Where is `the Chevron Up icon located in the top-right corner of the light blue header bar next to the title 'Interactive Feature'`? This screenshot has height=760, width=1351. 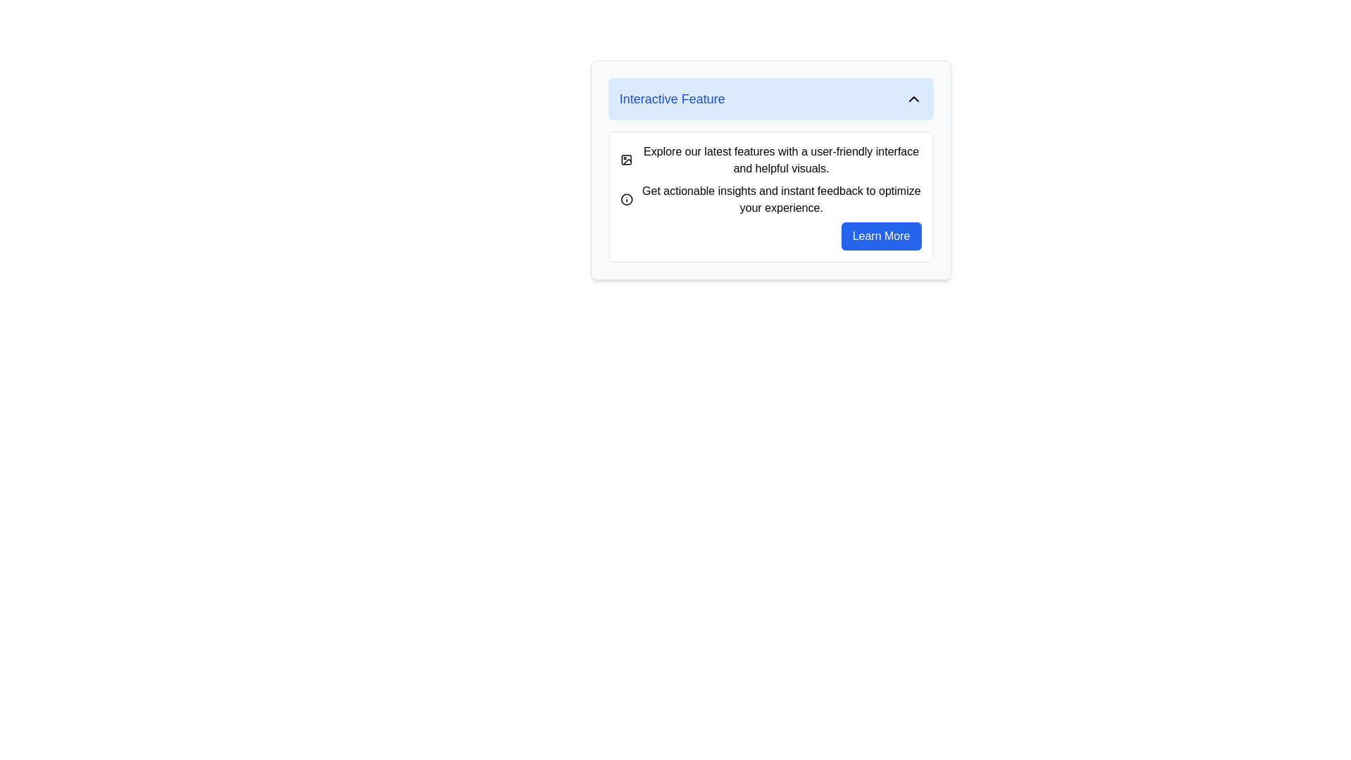
the Chevron Up icon located in the top-right corner of the light blue header bar next to the title 'Interactive Feature' is located at coordinates (913, 99).